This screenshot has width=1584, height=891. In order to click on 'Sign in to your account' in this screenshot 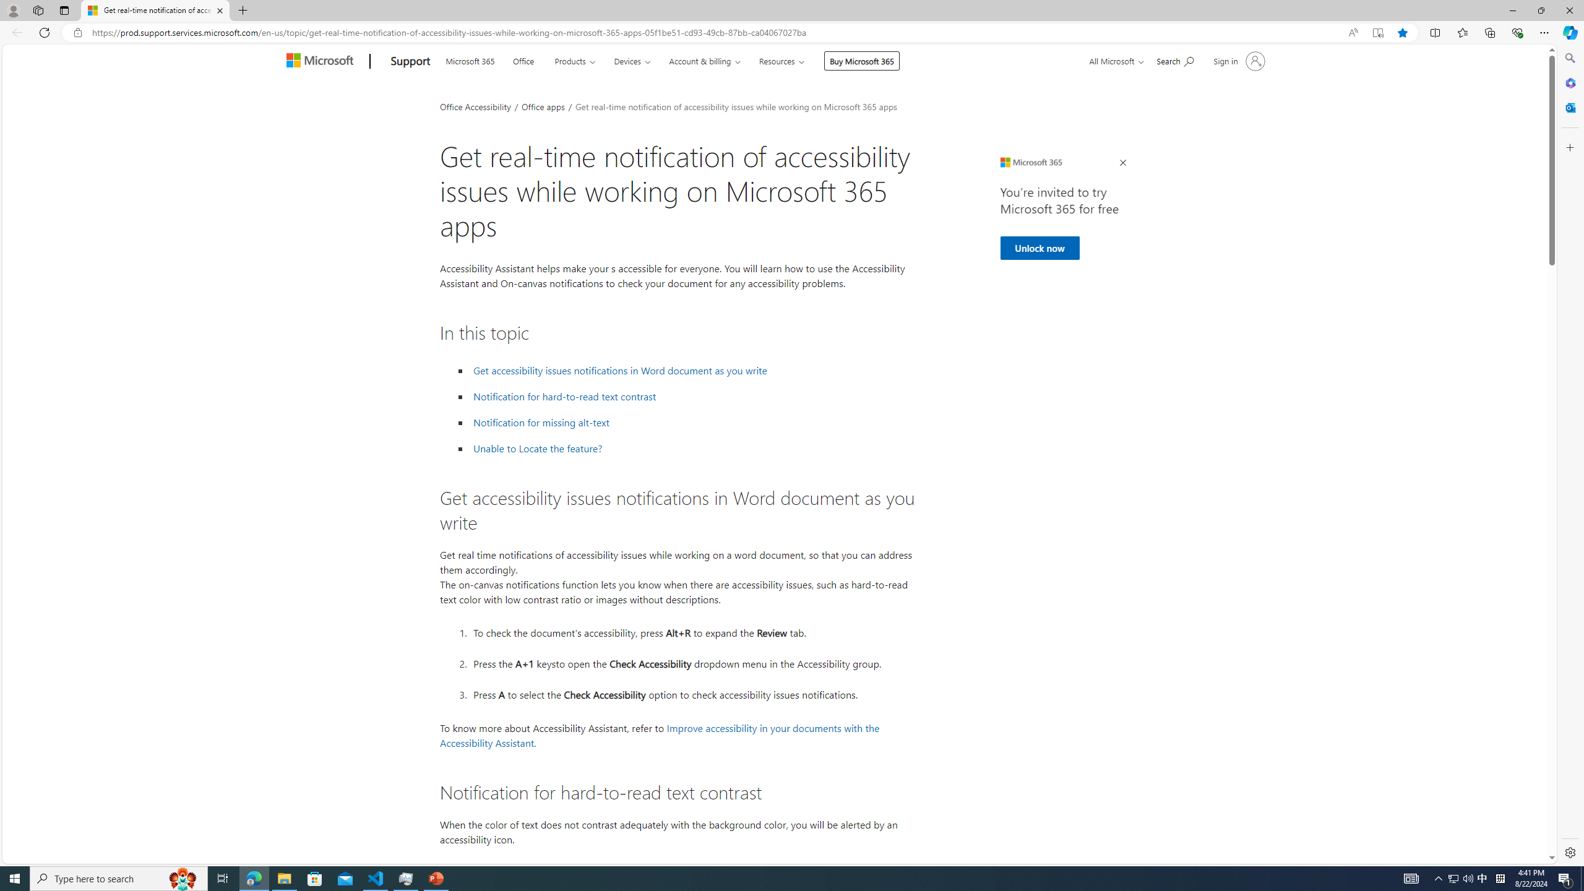, I will do `click(1237, 60)`.